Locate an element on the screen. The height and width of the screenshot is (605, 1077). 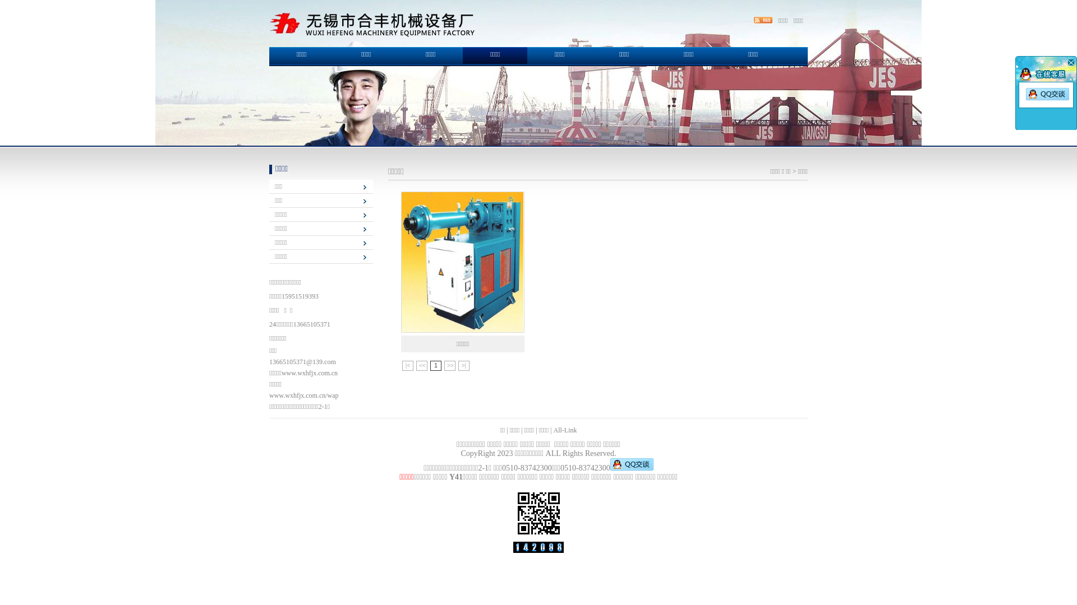
'|<' is located at coordinates (402, 365).